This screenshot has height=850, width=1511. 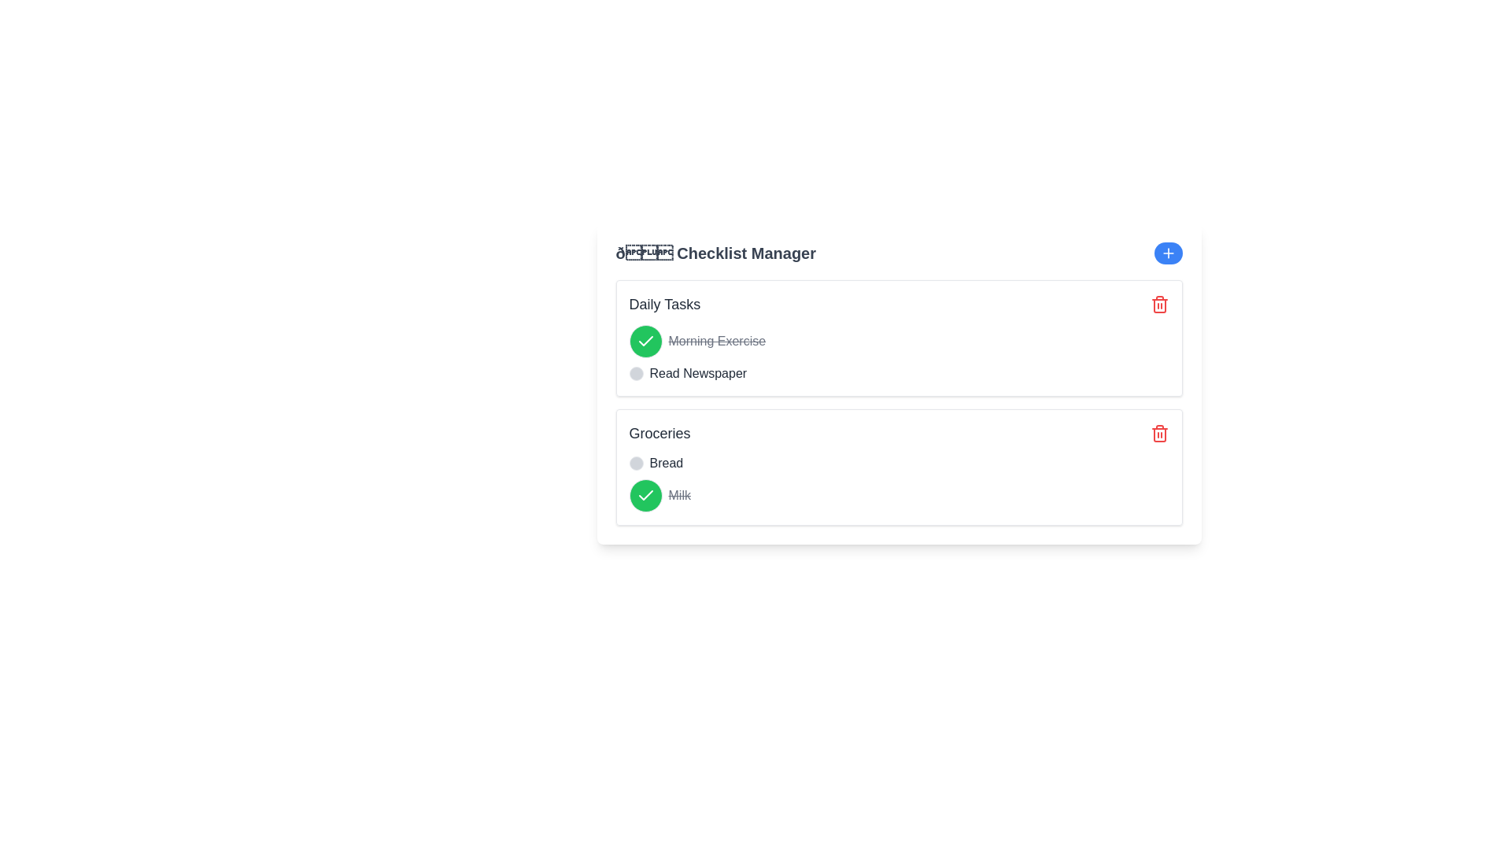 I want to click on the Text Label that serves as the header for the task management section, located near the top-left of the rectangular panel, so click(x=664, y=304).